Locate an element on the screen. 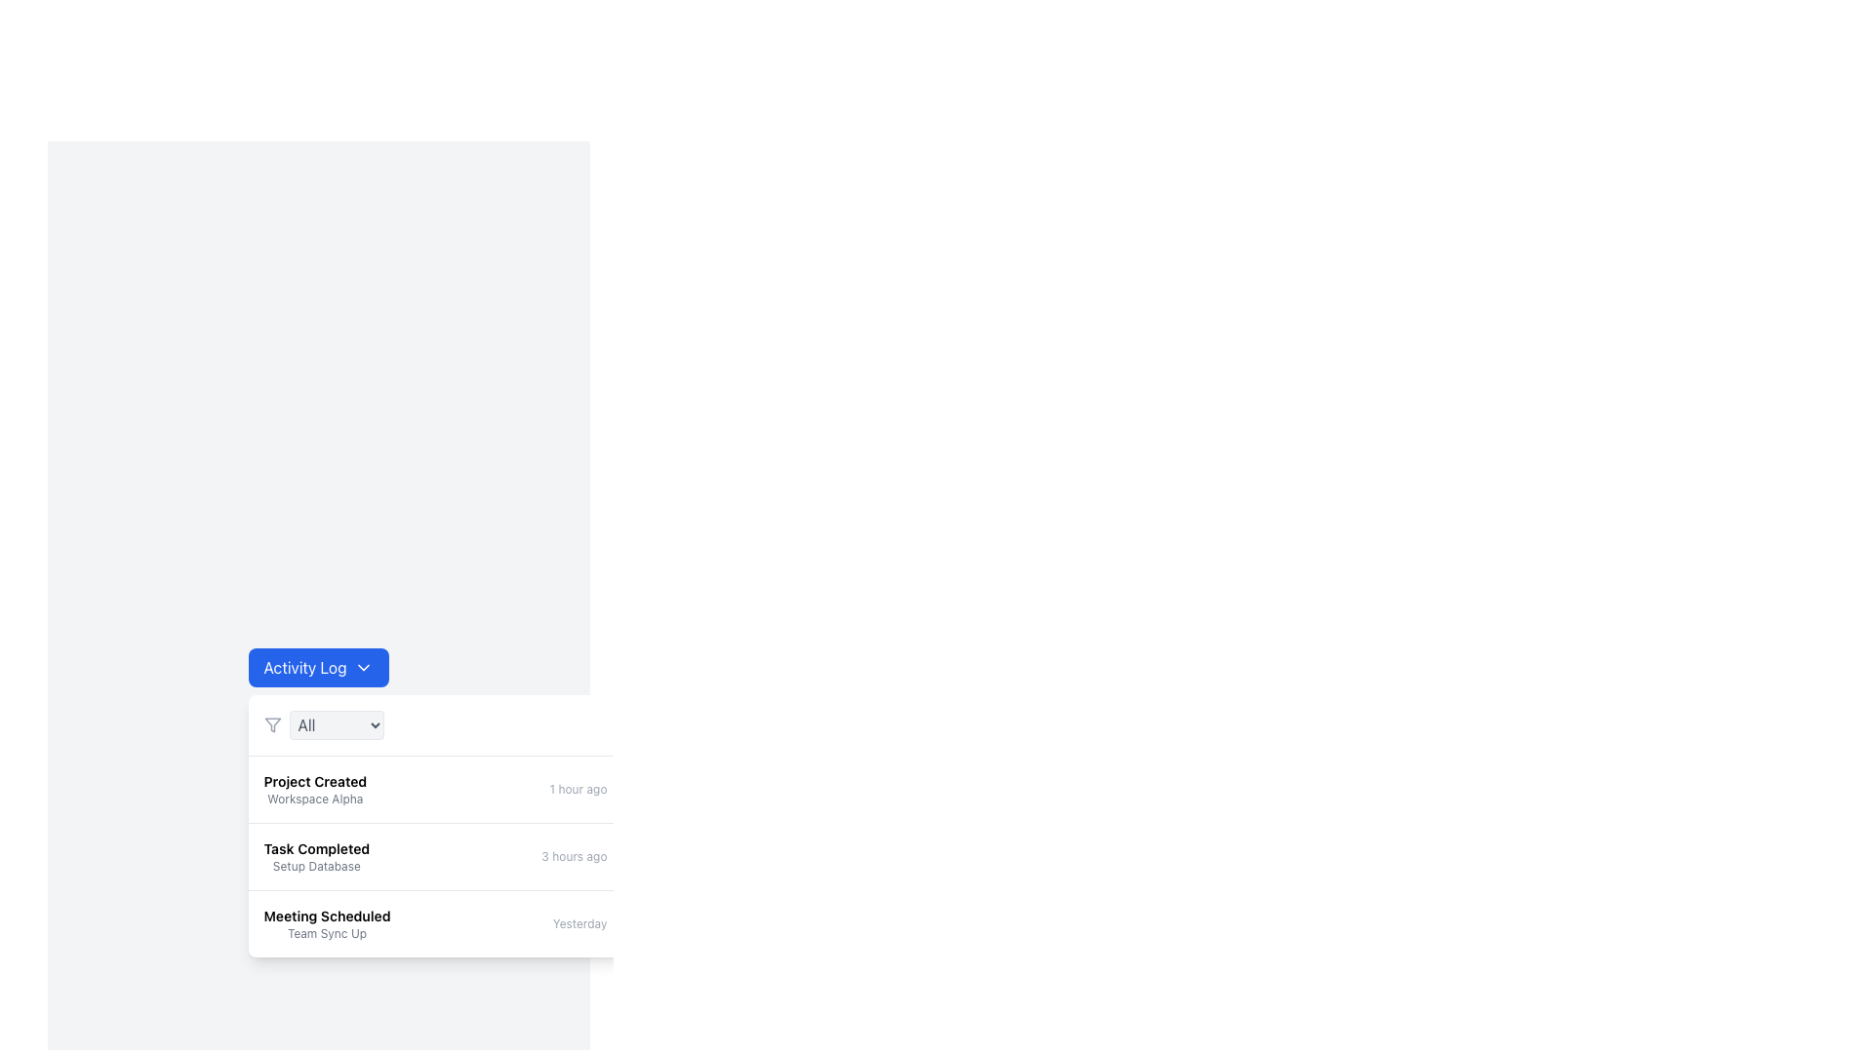 This screenshot has width=1873, height=1053. the first text label in the activity log list indicating the creation of a project, located under the 'Activity Log' button is located at coordinates (315, 781).